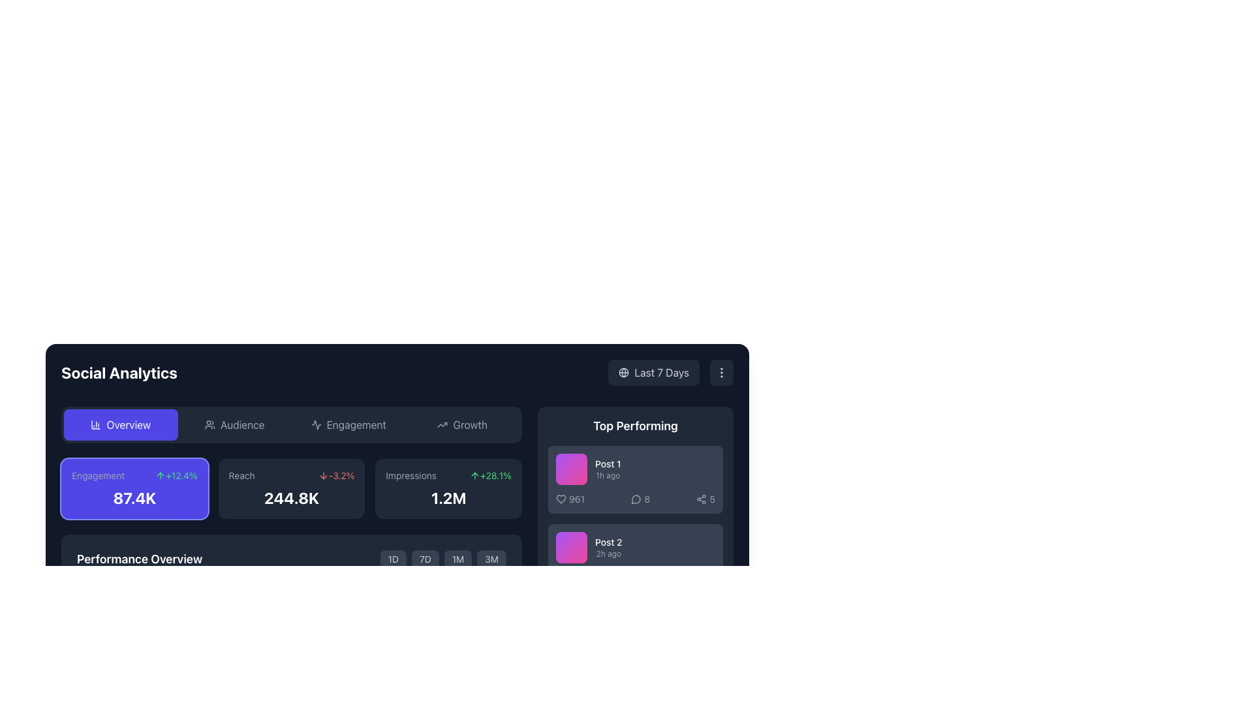 This screenshot has height=705, width=1253. Describe the element at coordinates (176, 476) in the screenshot. I see `the text and icon element indicating a percentage increase in engagement, which is visually represented with a green color and upward arrow, located to the right of the 'Engagement' label` at that location.